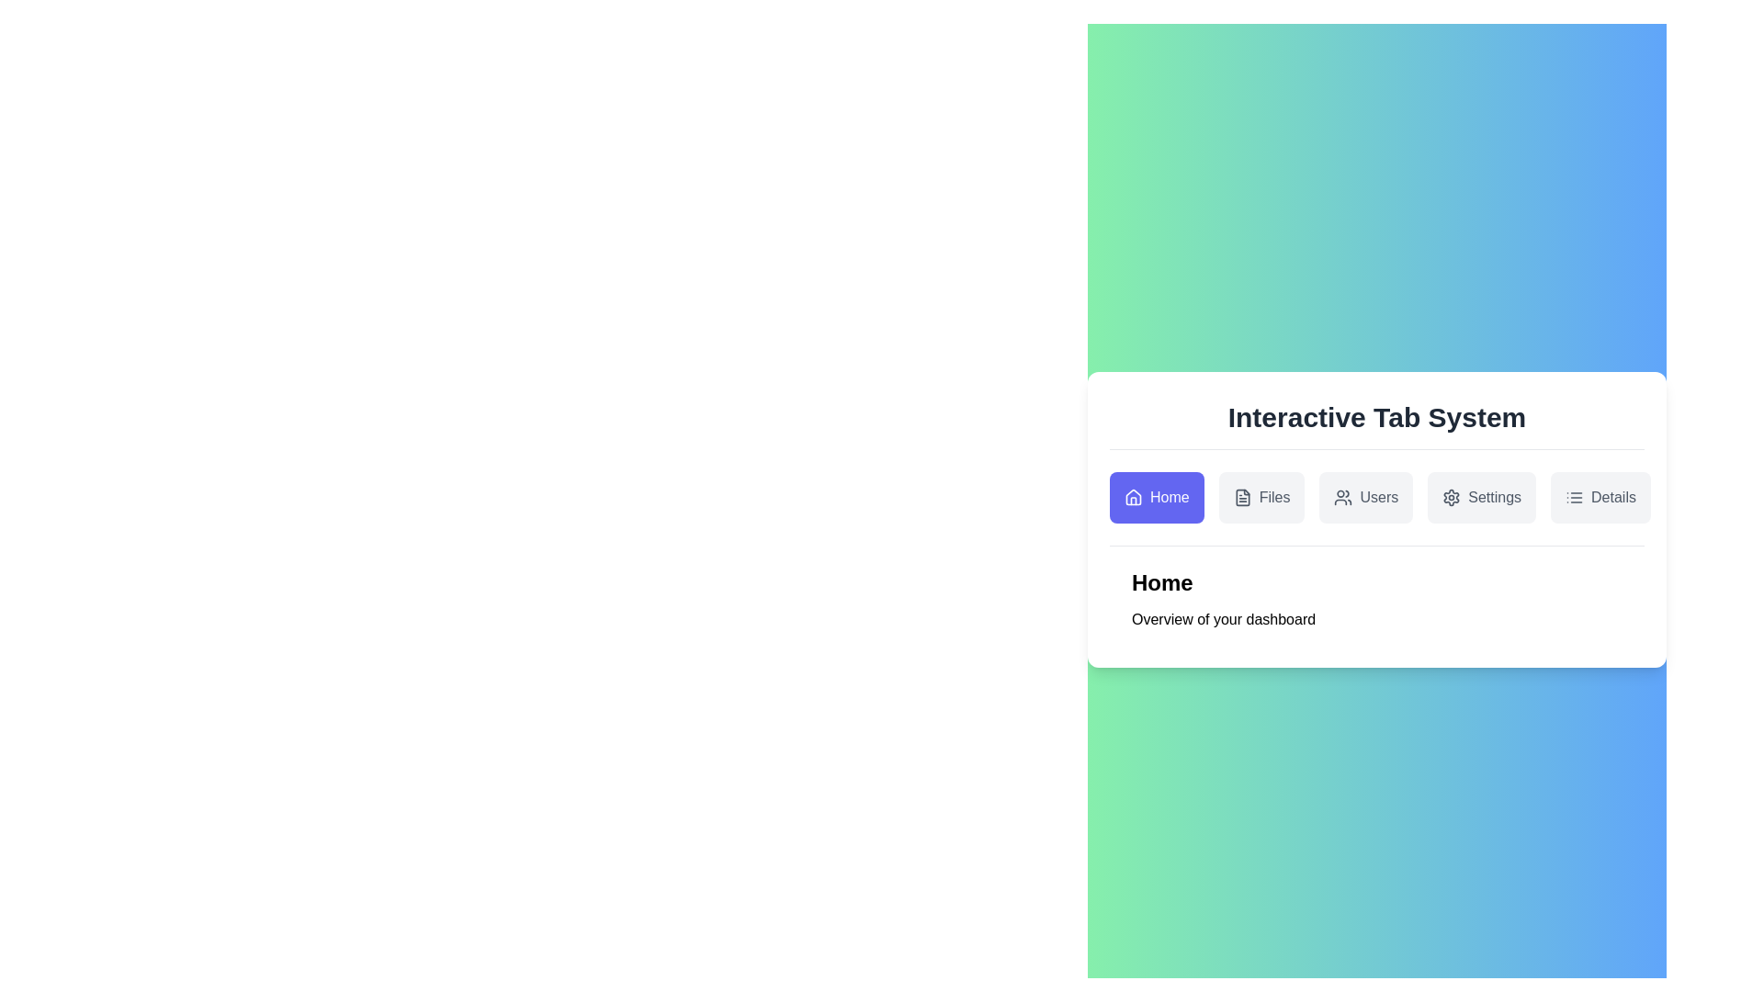 The width and height of the screenshot is (1764, 992). I want to click on properties of the 'Home' textual label within the first navigation tab button, which is located to the right of a house icon, so click(1169, 498).